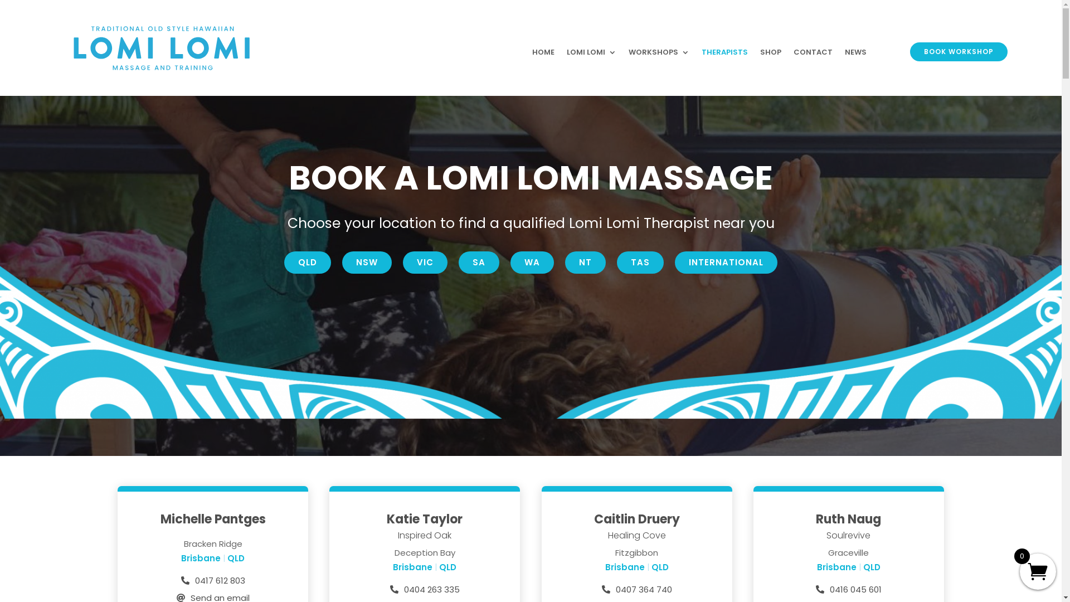 This screenshot has width=1070, height=602. Describe the element at coordinates (479, 262) in the screenshot. I see `'SA'` at that location.